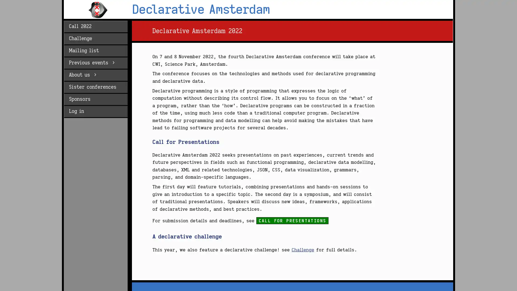 This screenshot has width=517, height=291. What do you see at coordinates (292, 220) in the screenshot?
I see `CALL FOR PRESENTATIONS` at bounding box center [292, 220].